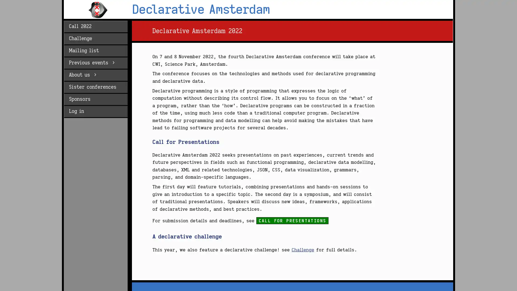 This screenshot has width=517, height=291. What do you see at coordinates (292, 220) in the screenshot?
I see `CALL FOR PRESENTATIONS` at bounding box center [292, 220].